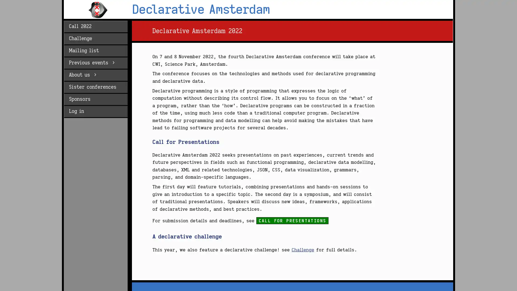 This screenshot has width=517, height=291. What do you see at coordinates (292, 220) in the screenshot?
I see `CALL FOR PRESENTATIONS` at bounding box center [292, 220].